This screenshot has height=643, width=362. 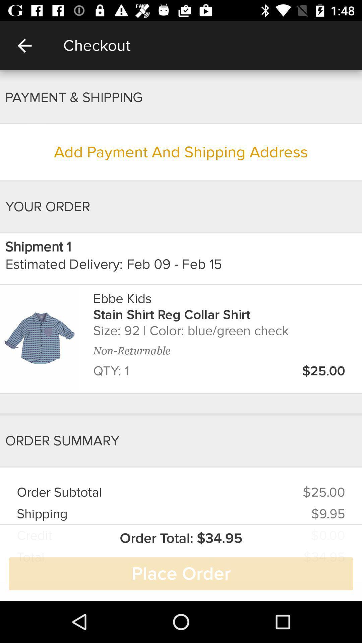 I want to click on add payment and item, so click(x=181, y=152).